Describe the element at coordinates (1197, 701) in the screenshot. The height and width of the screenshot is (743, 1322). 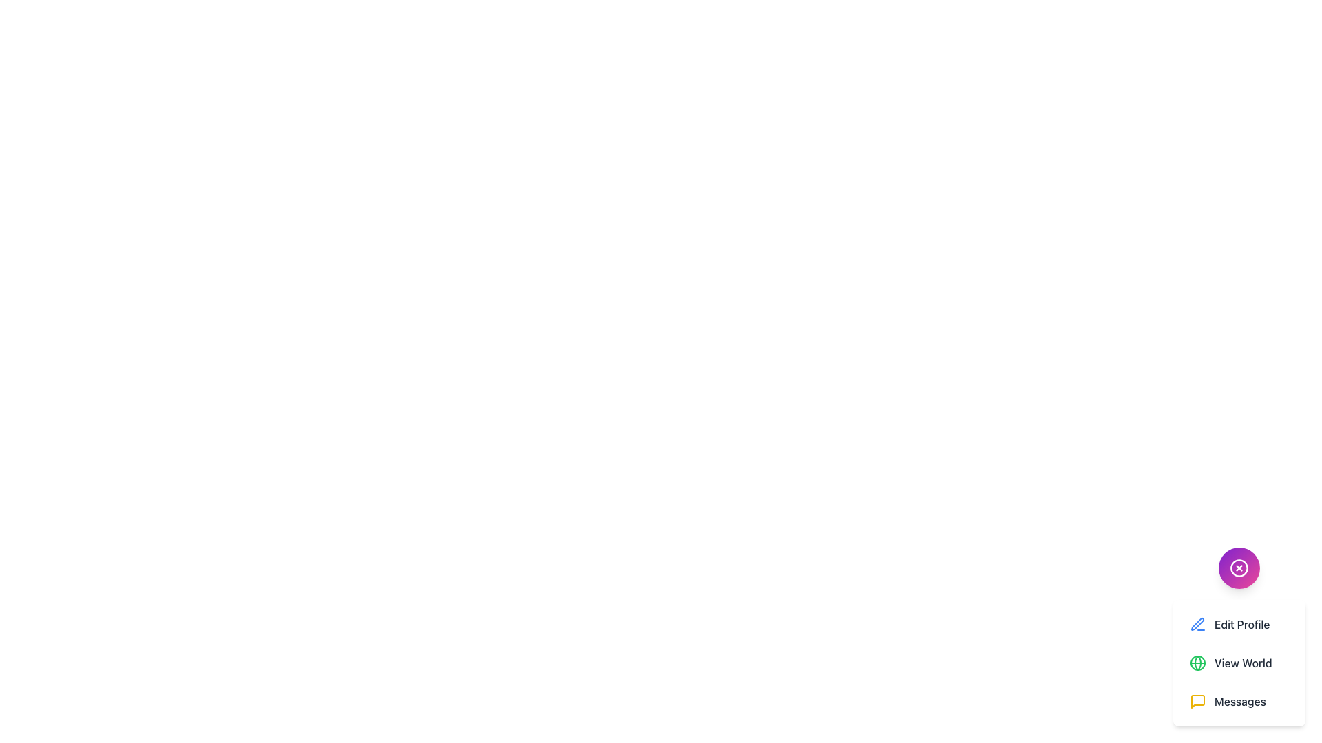
I see `the yellow speech bubble icon located at the bottom right of the vertical menu` at that location.